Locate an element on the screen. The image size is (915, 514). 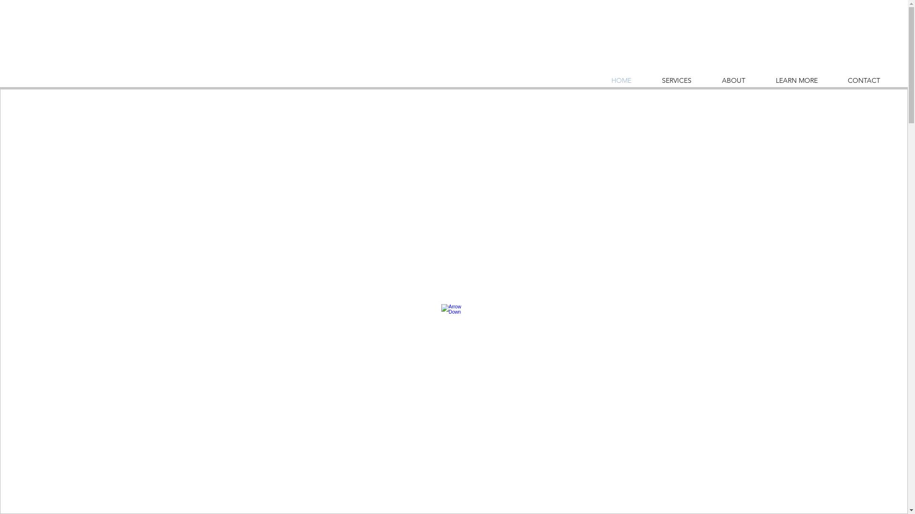
'LEARN MORE' is located at coordinates (796, 80).